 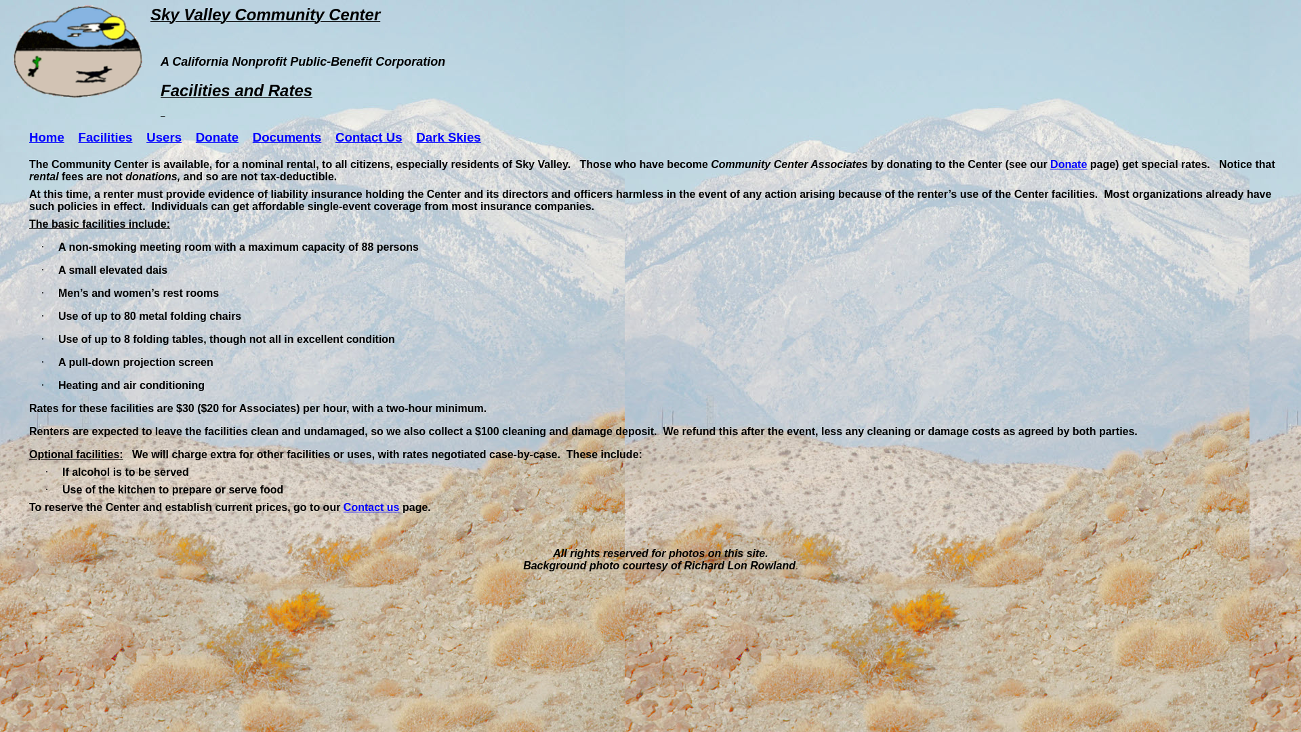 What do you see at coordinates (29, 137) in the screenshot?
I see `'Home'` at bounding box center [29, 137].